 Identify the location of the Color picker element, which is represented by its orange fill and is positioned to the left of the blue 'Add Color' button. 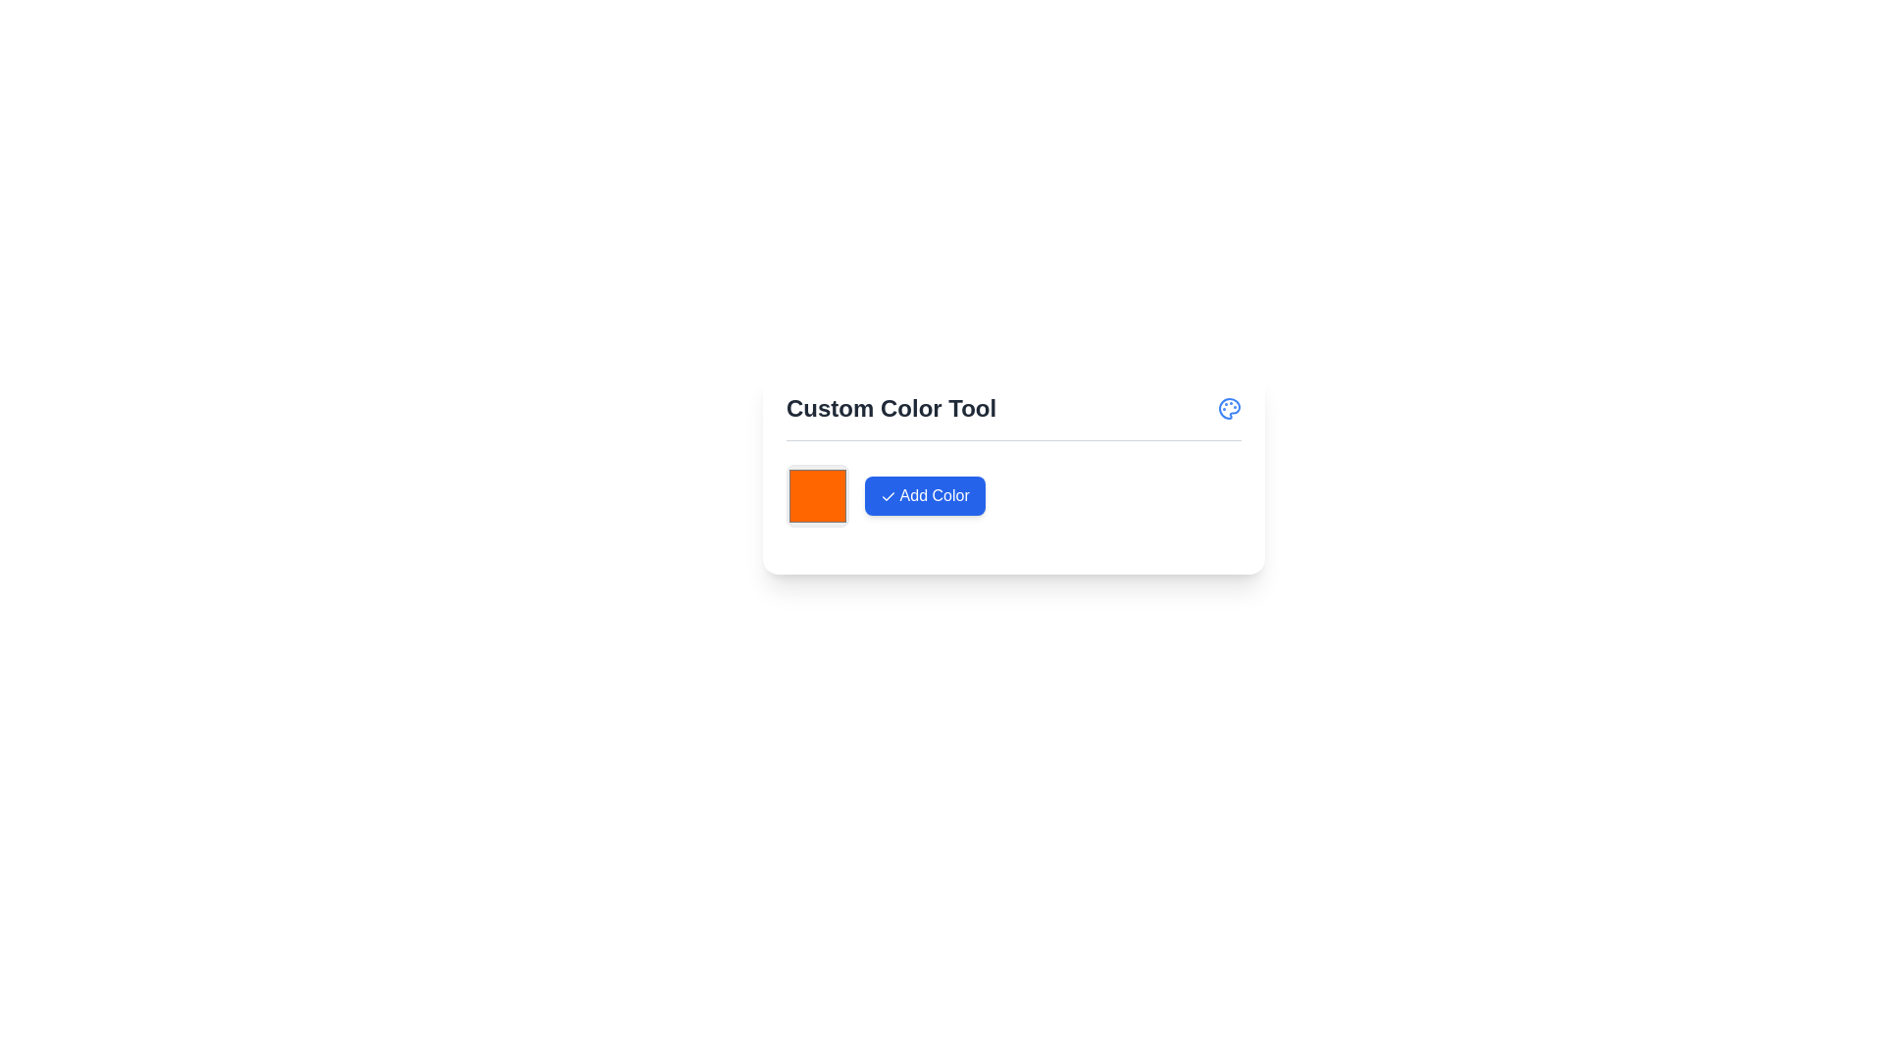
(818, 494).